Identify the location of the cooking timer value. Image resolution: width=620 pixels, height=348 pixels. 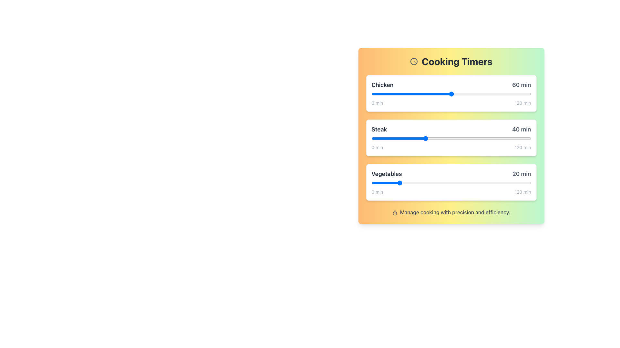
(518, 94).